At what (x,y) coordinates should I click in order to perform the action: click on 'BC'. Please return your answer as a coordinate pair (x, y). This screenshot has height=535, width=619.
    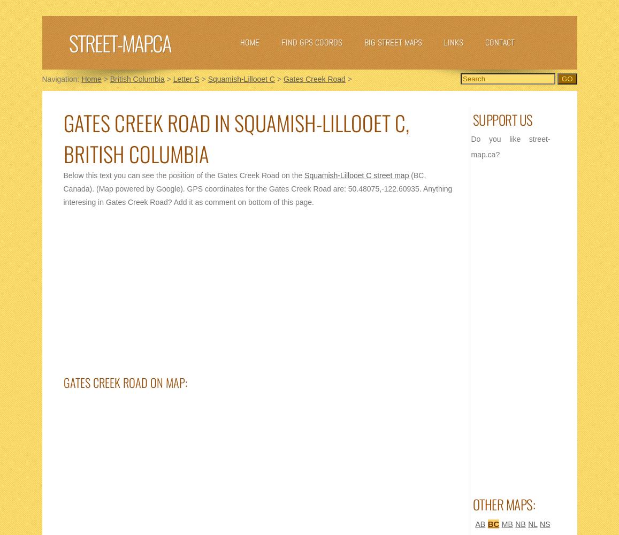
    Looking at the image, I should click on (493, 523).